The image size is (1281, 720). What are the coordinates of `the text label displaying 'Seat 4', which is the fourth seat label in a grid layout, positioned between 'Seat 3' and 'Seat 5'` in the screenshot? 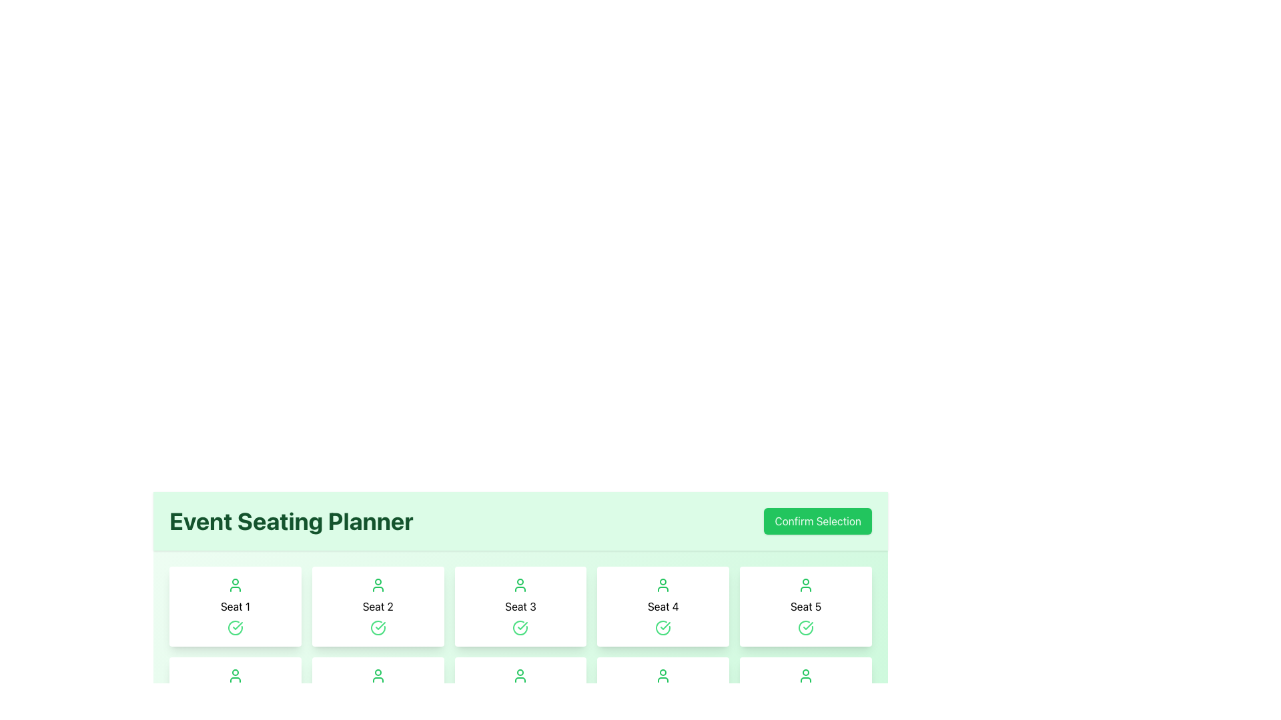 It's located at (663, 607).